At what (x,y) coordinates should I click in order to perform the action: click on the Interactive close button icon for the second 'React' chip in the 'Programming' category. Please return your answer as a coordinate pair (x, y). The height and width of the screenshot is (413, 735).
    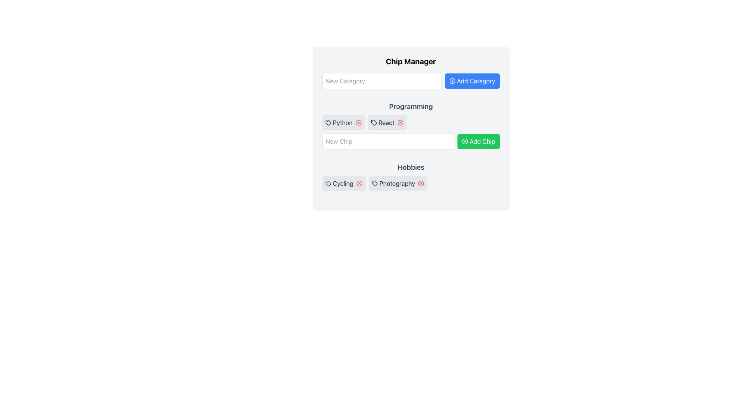
    Looking at the image, I should click on (400, 122).